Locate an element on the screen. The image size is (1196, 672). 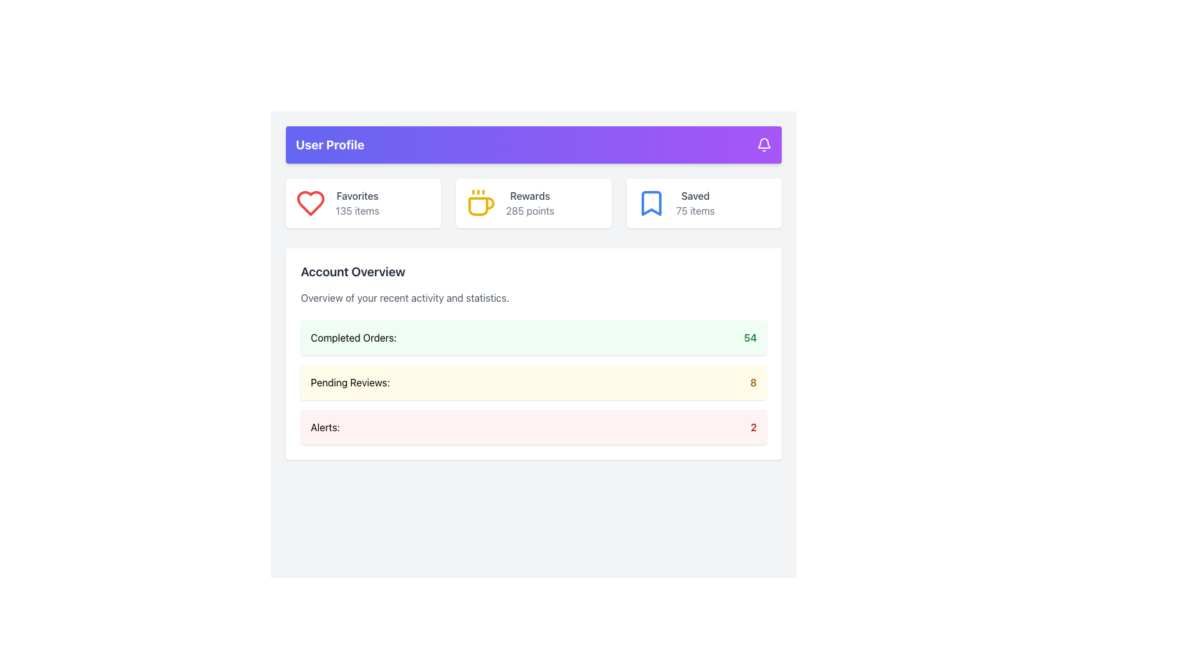
the Informational Card with a green background that displays 'Completed Orders:' and the value '54' in bold, located above 'Pending Reviews' and below 'Account Overview' is located at coordinates (534, 338).